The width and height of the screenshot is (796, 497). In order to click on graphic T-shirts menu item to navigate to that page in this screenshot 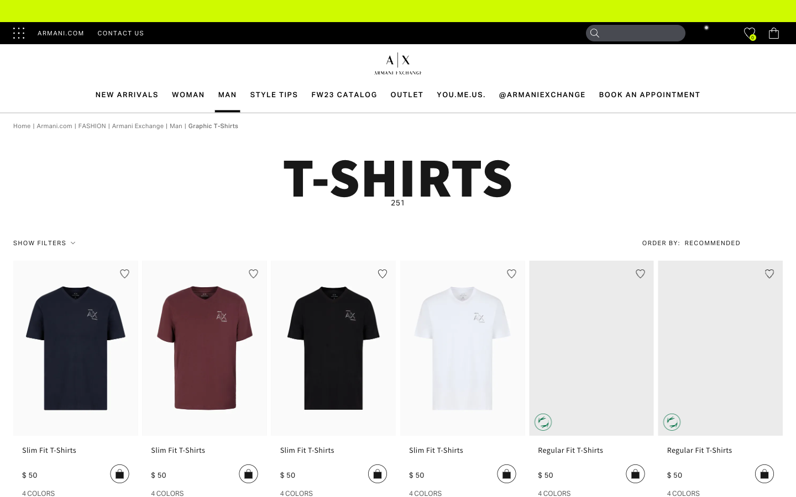, I will do `click(213, 125)`.